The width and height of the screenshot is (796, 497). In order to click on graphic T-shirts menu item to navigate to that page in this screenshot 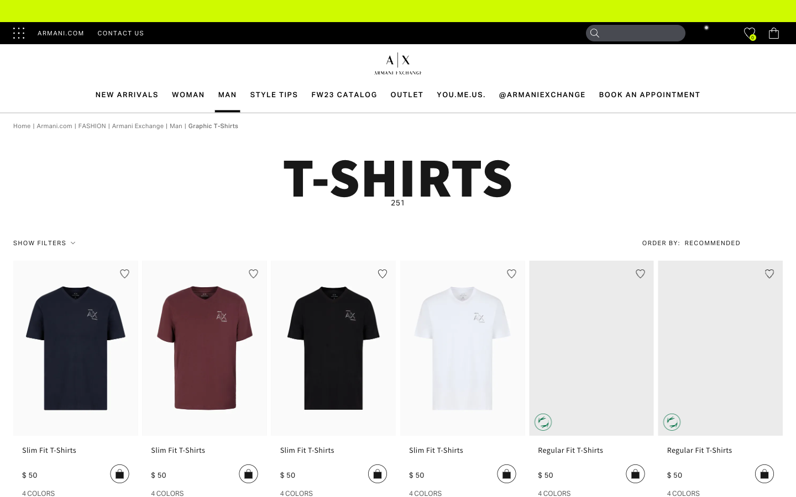, I will do `click(213, 125)`.